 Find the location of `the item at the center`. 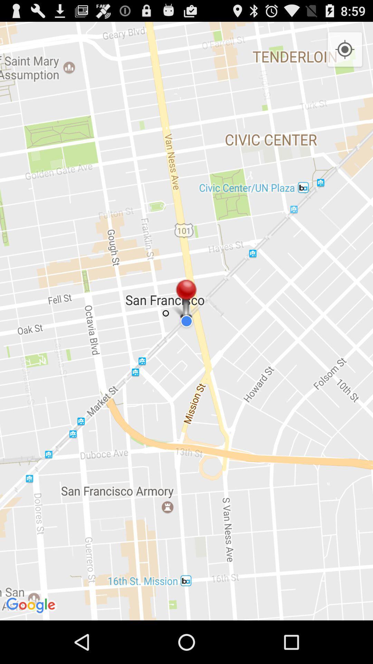

the item at the center is located at coordinates (186, 321).